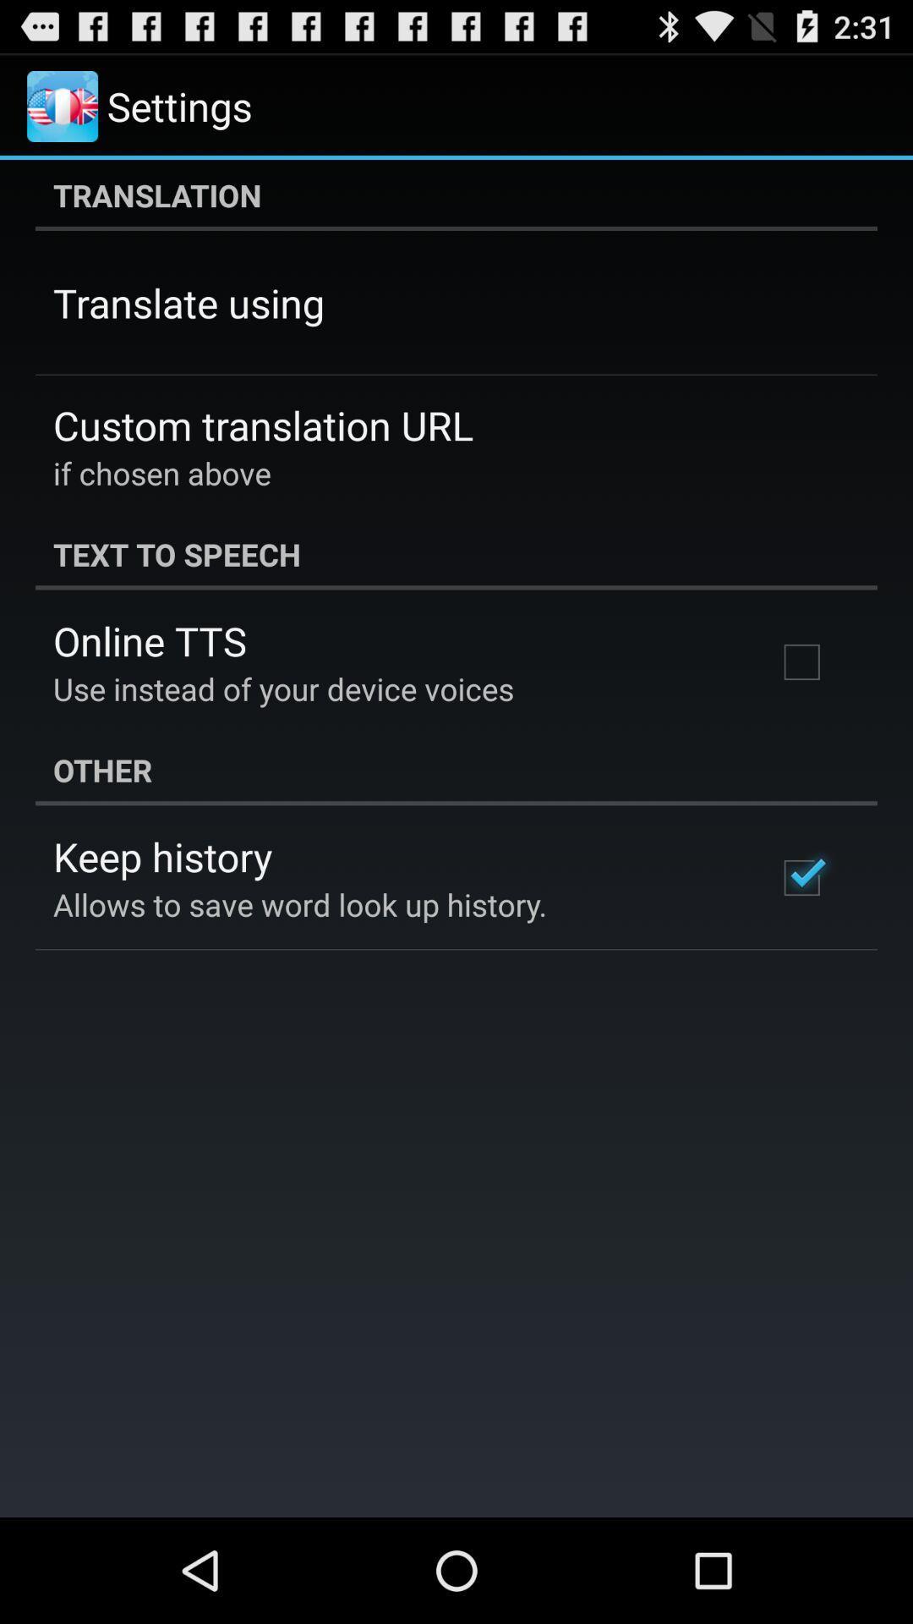 The height and width of the screenshot is (1624, 913). What do you see at coordinates (456, 554) in the screenshot?
I see `the text to speech app` at bounding box center [456, 554].